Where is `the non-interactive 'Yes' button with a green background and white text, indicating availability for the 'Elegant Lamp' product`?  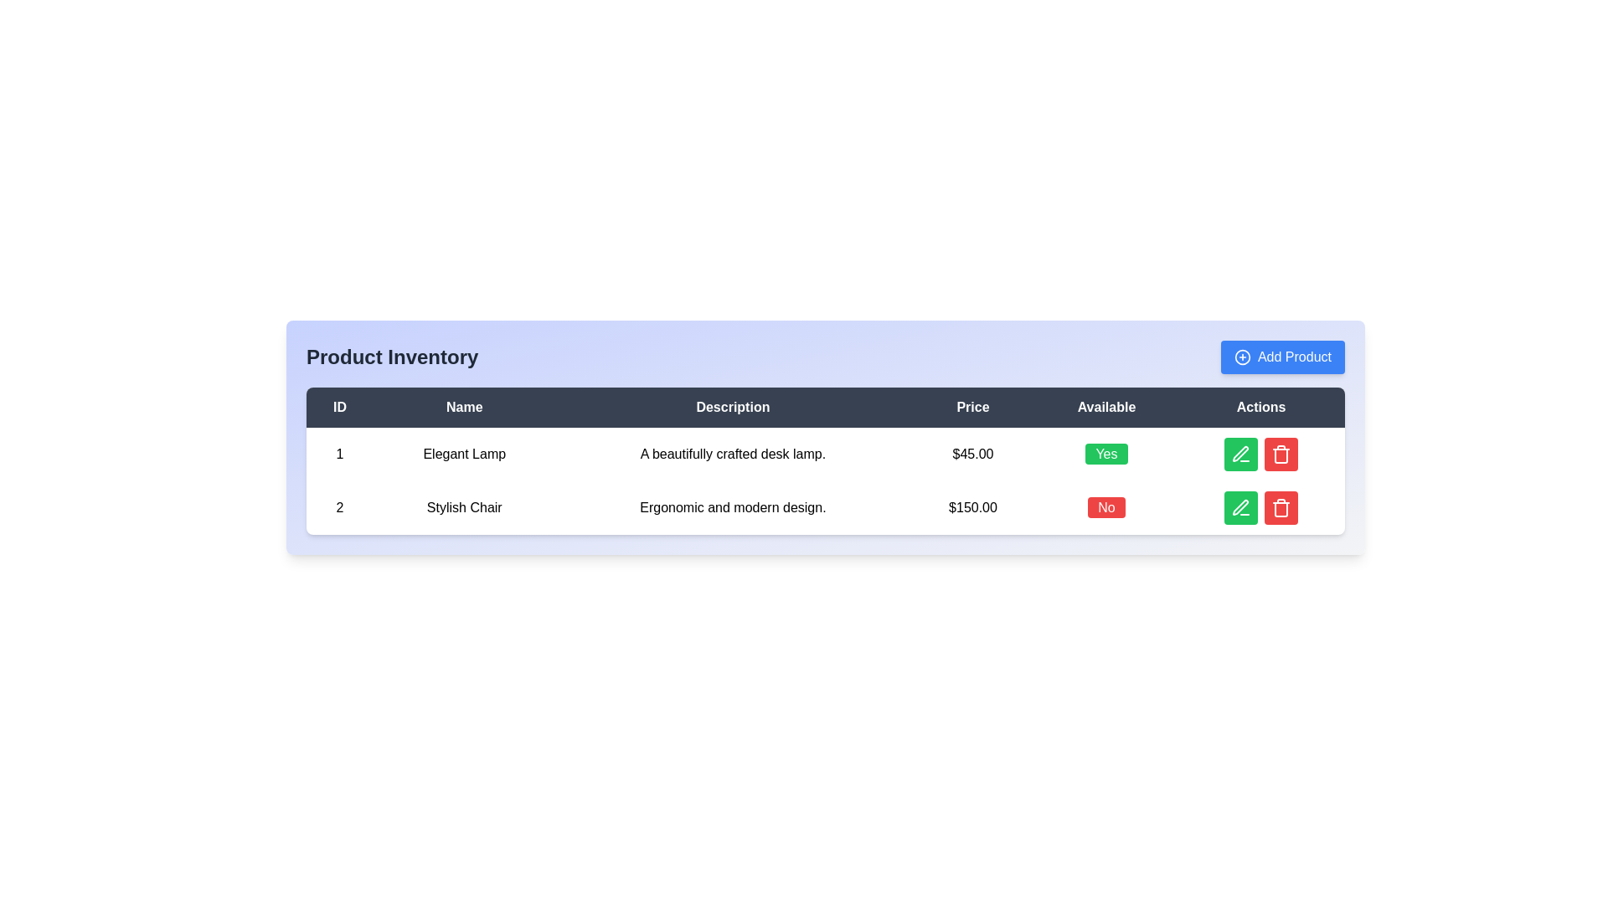
the non-interactive 'Yes' button with a green background and white text, indicating availability for the 'Elegant Lamp' product is located at coordinates (1106, 454).